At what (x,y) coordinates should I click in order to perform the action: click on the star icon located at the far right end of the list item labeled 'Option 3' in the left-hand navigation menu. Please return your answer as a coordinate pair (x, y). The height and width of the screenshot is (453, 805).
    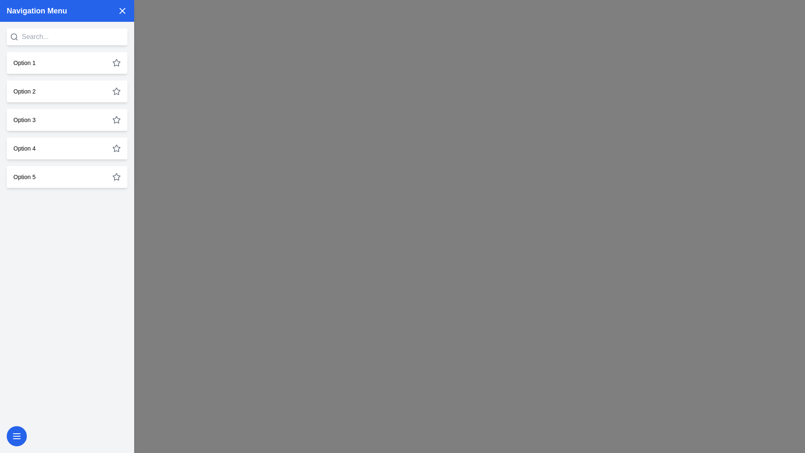
    Looking at the image, I should click on (116, 120).